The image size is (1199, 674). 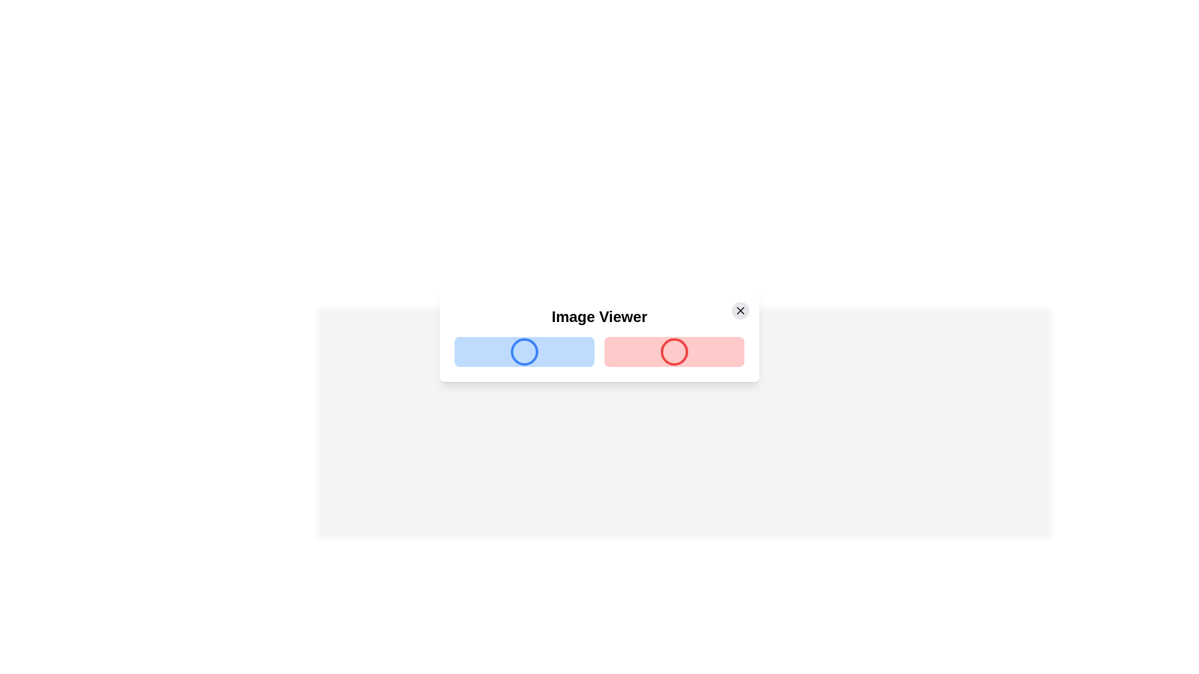 What do you see at coordinates (740, 310) in the screenshot?
I see `the diagonal cross (X) icon of the Close button located in the upper-right corner of the 'Image Viewer' dialog box` at bounding box center [740, 310].